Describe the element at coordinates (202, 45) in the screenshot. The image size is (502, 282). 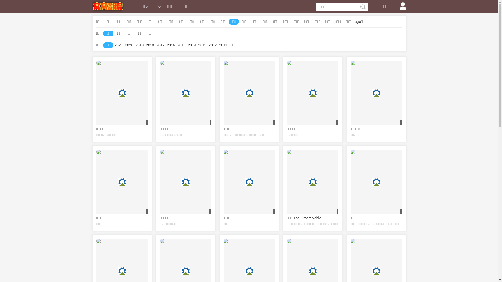
I see `'2013'` at that location.